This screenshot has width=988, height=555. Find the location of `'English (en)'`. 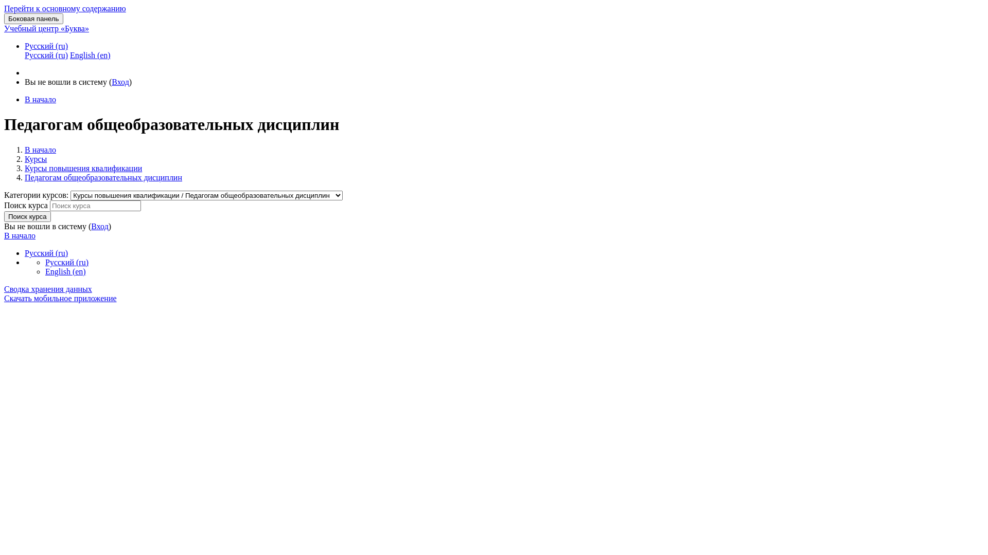

'English (en)' is located at coordinates (90, 55).